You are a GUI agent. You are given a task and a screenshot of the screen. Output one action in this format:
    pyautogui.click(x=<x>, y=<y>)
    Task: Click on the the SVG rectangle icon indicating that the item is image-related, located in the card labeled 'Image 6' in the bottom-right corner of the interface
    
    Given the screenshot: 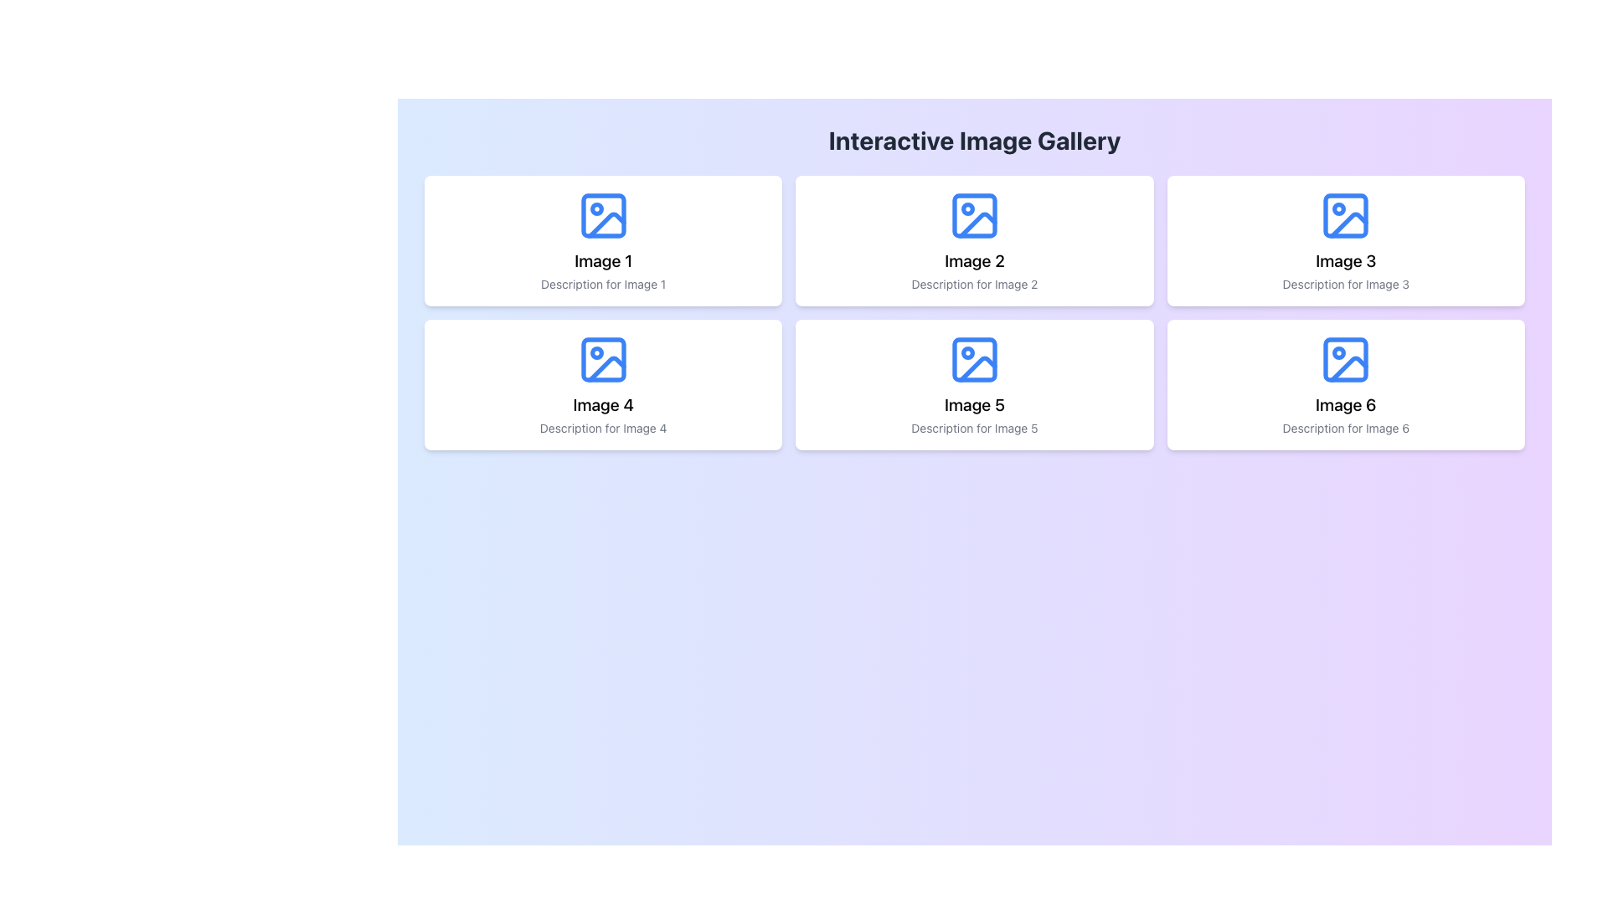 What is the action you would take?
    pyautogui.click(x=1346, y=358)
    